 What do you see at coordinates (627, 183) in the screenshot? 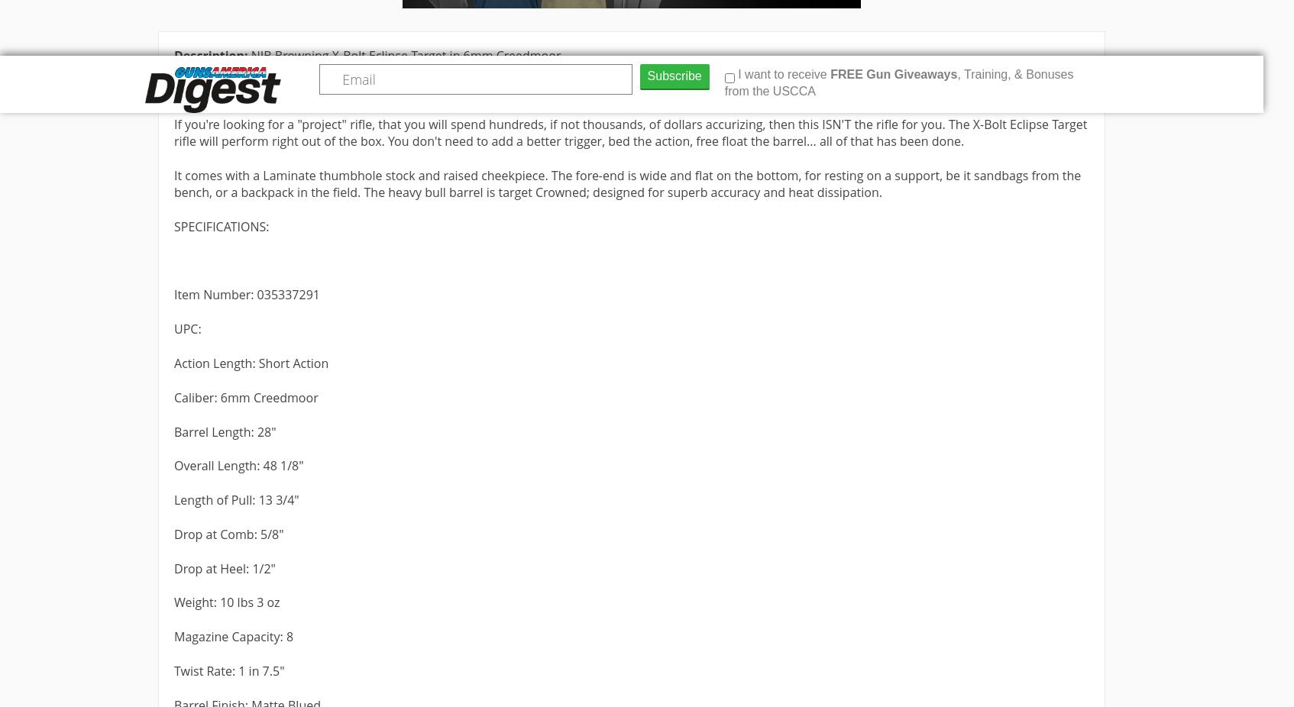
I see `'It comes with a Laminate thumbhole stock and raised cheekpiece. The fore-end is wide and flat on the bottom, for resting on a support, be it sandbags from the bench, or a backpack in the field. The heavy bull barrel is target Crowned; designed for superb accuracy and heat dissipation.'` at bounding box center [627, 183].